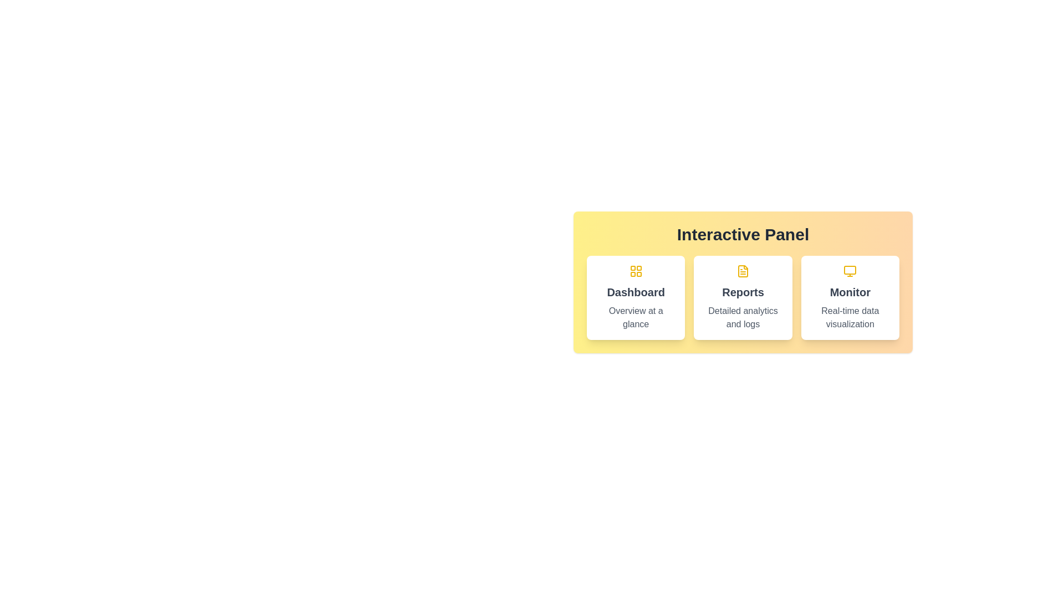  I want to click on the 'Monitor' panel to select it, so click(850, 297).